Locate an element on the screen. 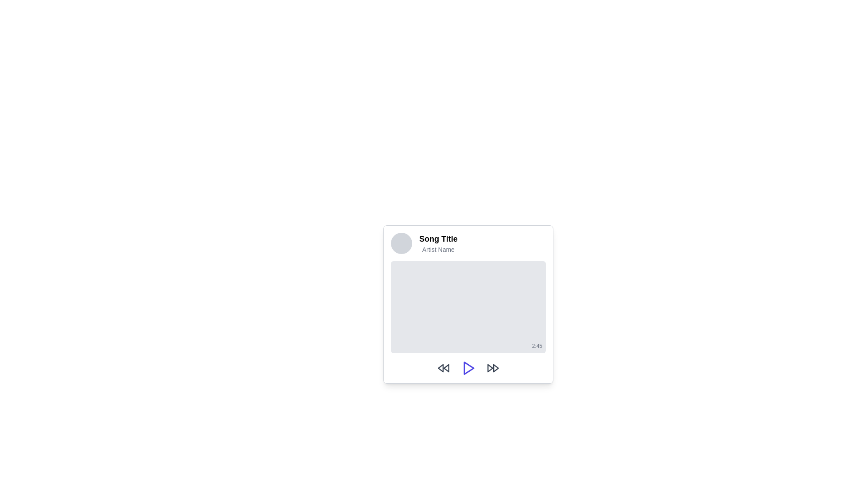  the triangular play button icon located at the center of the audio control section is located at coordinates (468, 368).